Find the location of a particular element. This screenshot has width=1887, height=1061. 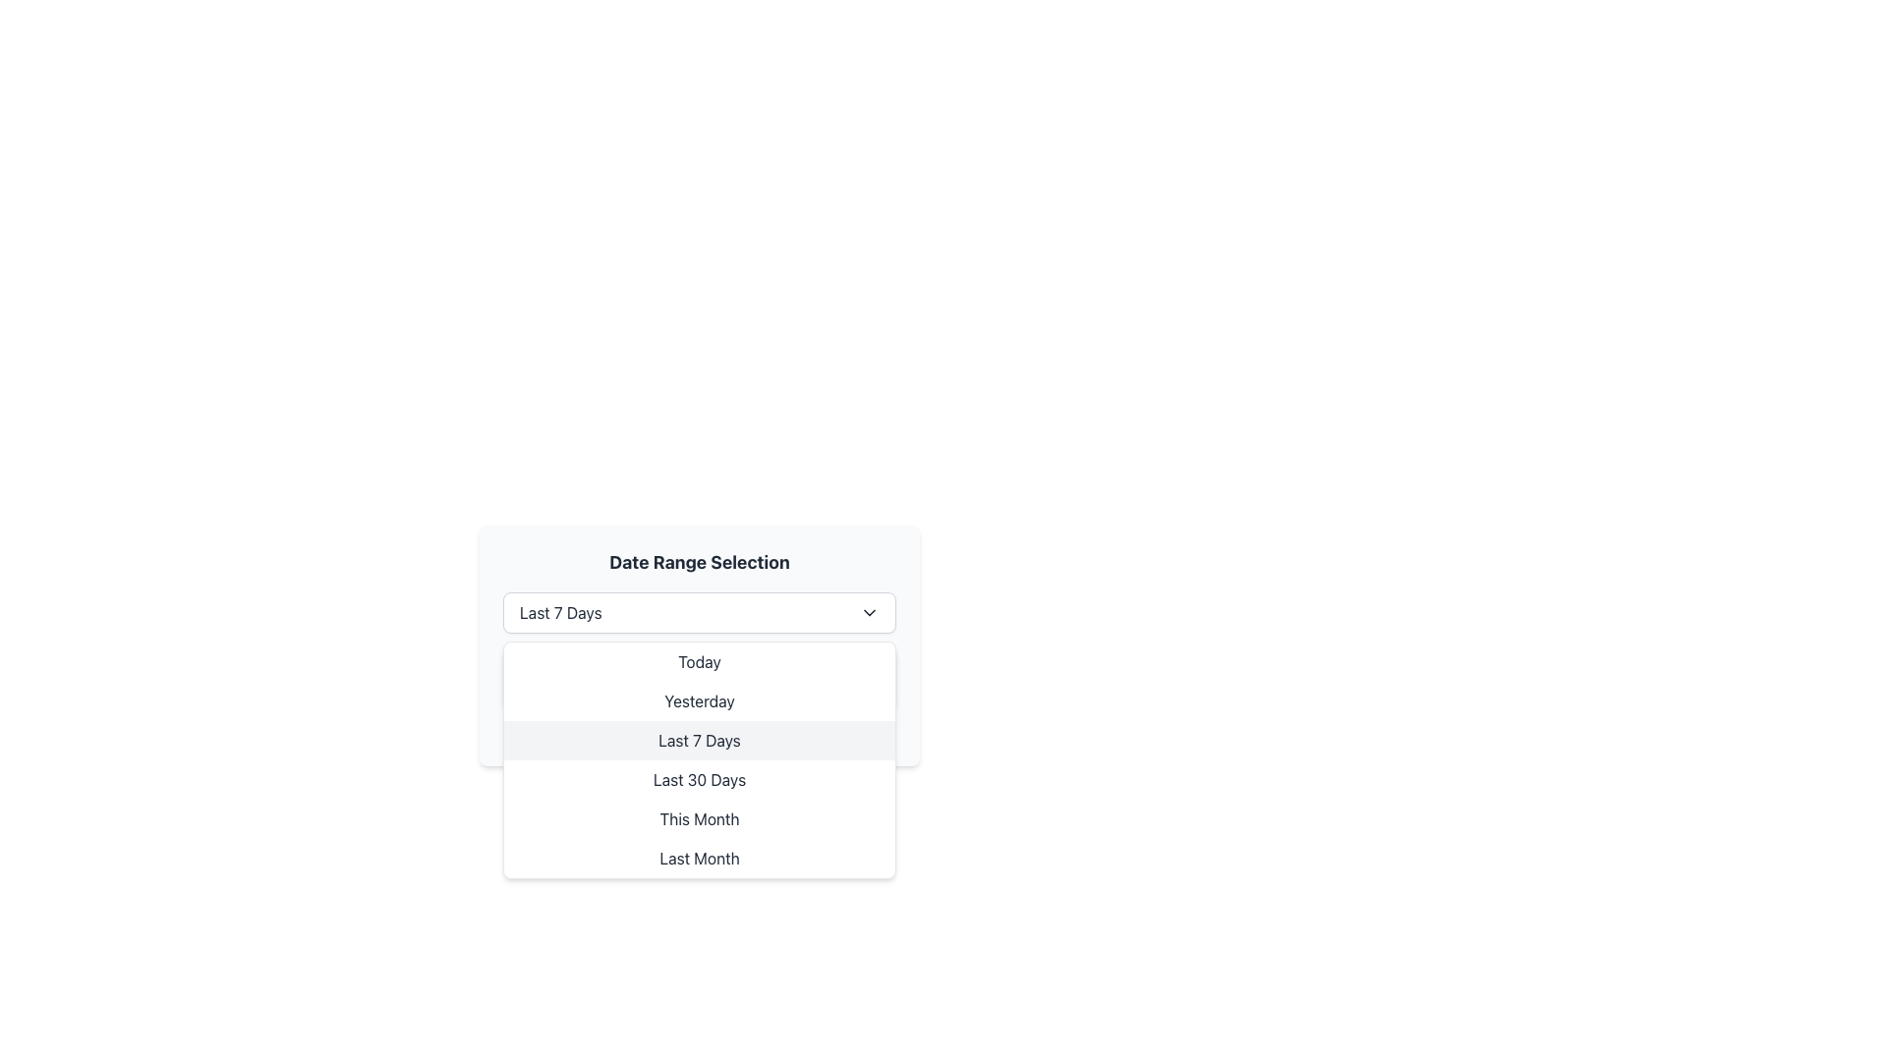

the informational text element located at the bottom of the date range selection interface, which provides context for selecting a date range is located at coordinates (699, 731).